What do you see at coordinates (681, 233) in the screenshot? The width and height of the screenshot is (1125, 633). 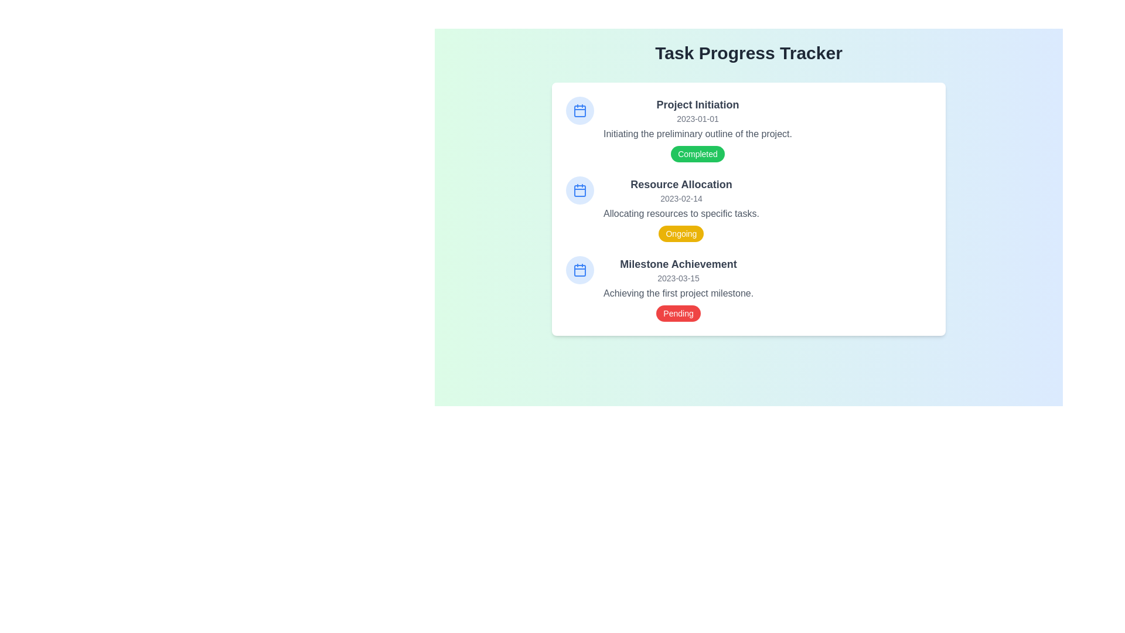 I see `the Status label, which is a yellow rectangular capsule with rounded edges containing the text 'Ongoing' in white, located below the description text 'Allocating resources to specific tasks.'` at bounding box center [681, 233].